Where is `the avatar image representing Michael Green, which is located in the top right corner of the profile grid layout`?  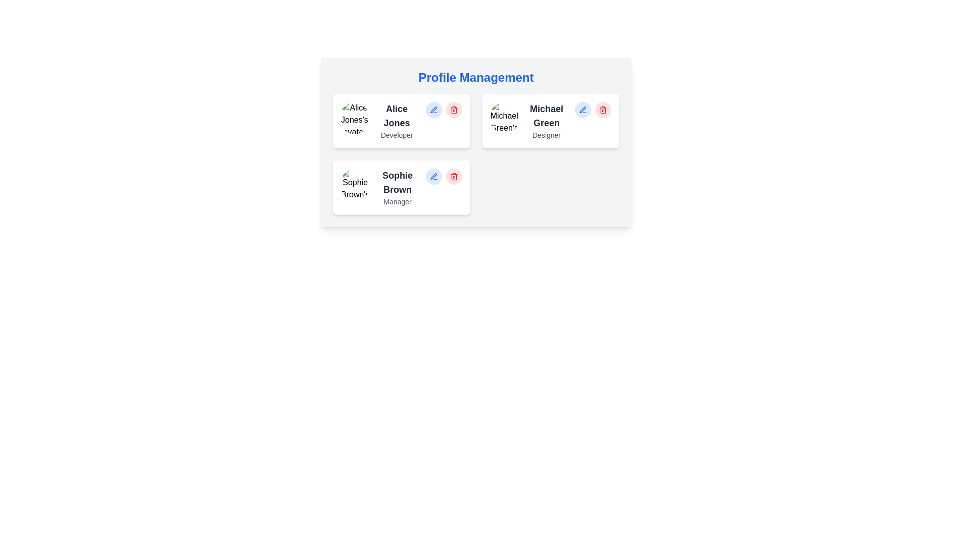
the avatar image representing Michael Green, which is located in the top right corner of the profile grid layout is located at coordinates (504, 118).